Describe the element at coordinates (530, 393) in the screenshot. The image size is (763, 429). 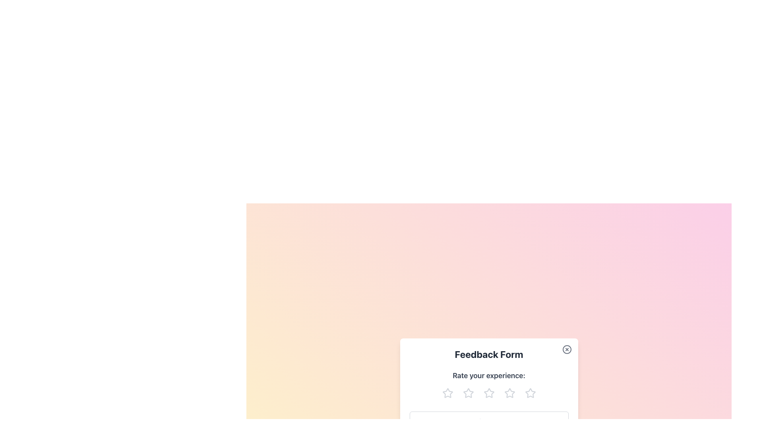
I see `the fifth star icon in the horizontal row under the heading 'Rate your experience:'` at that location.